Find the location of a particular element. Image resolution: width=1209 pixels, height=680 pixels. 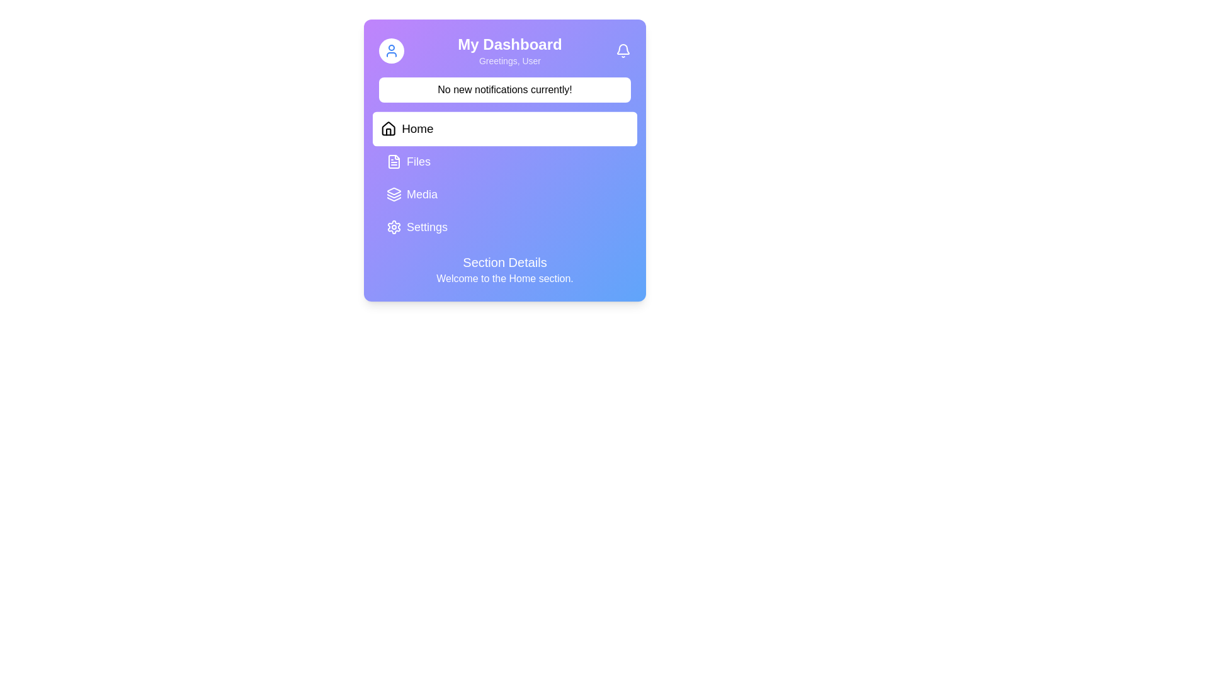

the Navigation menu, which has a gradient blue background and contains the items 'Home', 'Files', 'Media', and 'Settings' is located at coordinates (504, 178).